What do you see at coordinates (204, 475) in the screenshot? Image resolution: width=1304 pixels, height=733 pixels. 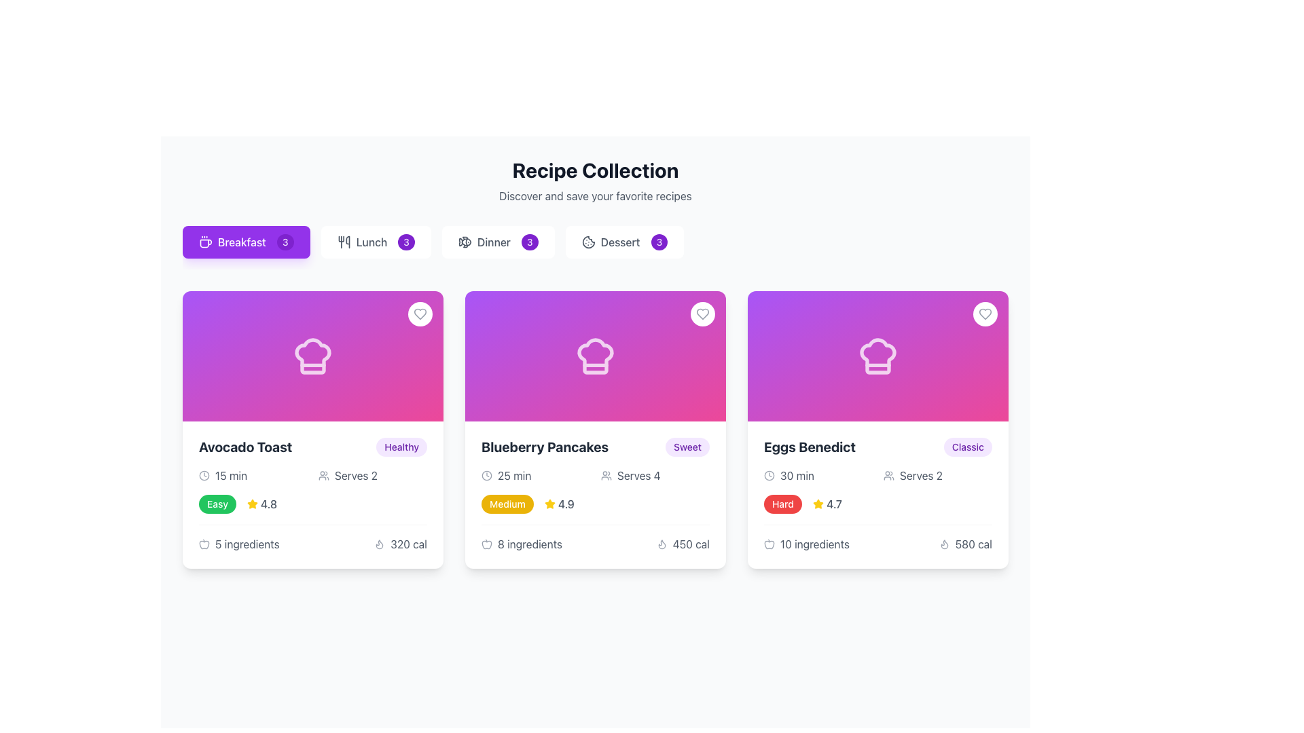 I see `the clock icon represented by the SVG Circle, which is located in the 'Time Required' section of the 'Avocado Toast' recipe card` at bounding box center [204, 475].